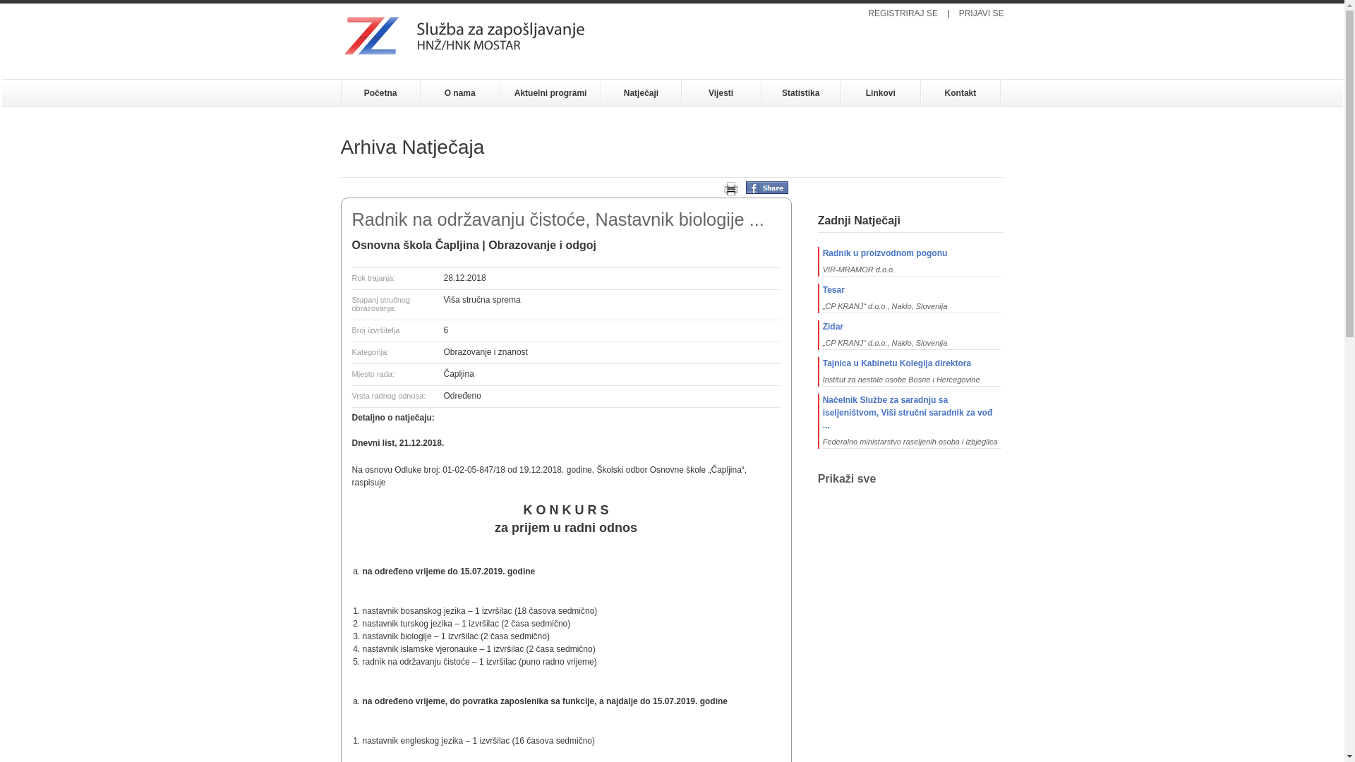 The image size is (1355, 762). I want to click on 'PRIJAVI SE', so click(981, 13).